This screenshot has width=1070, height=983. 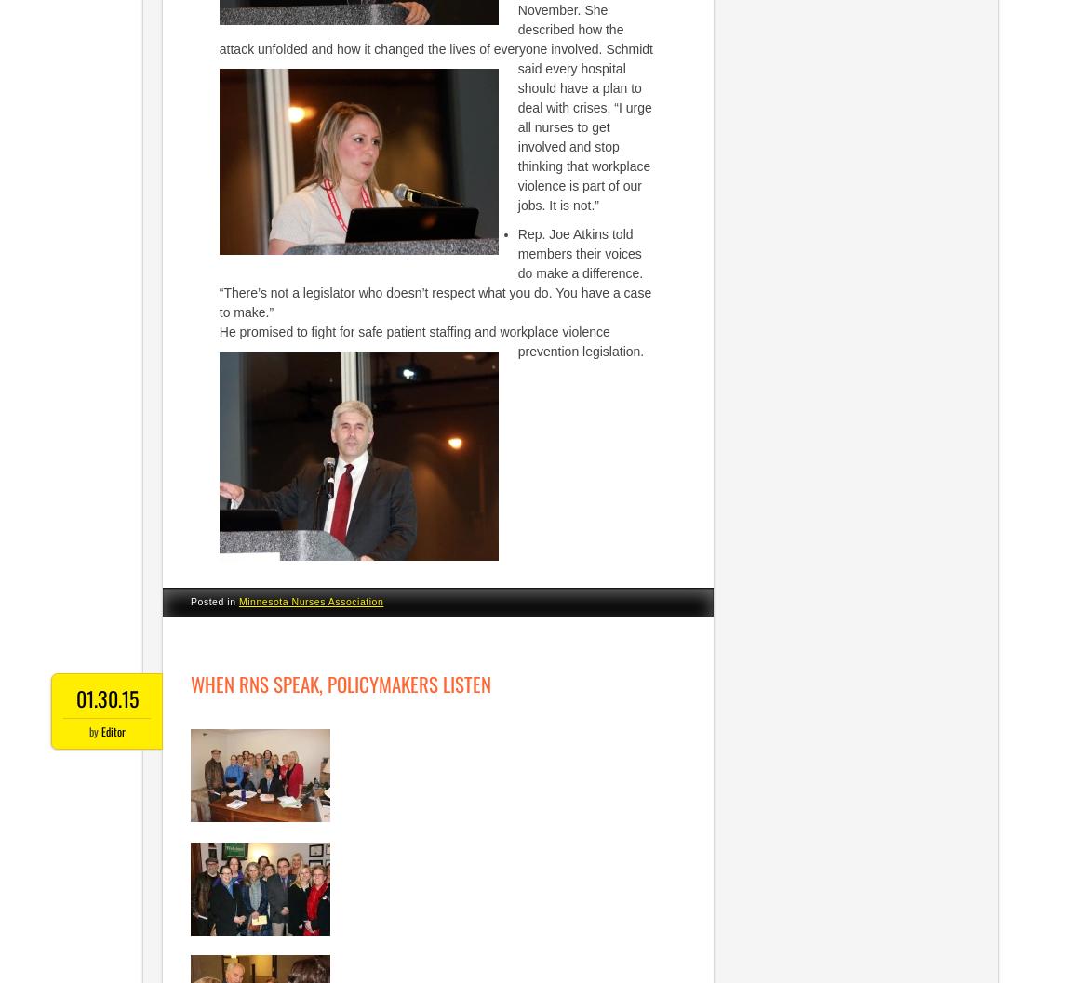 I want to click on 'He promised to fight for safe patient', so click(x=322, y=331).